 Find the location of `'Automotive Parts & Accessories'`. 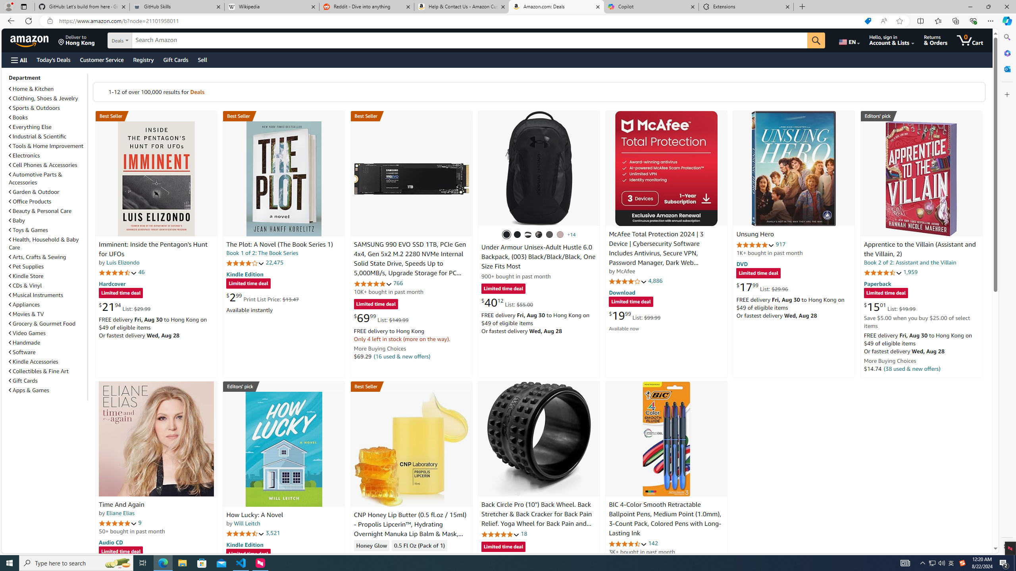

'Automotive Parts & Accessories' is located at coordinates (35, 178).